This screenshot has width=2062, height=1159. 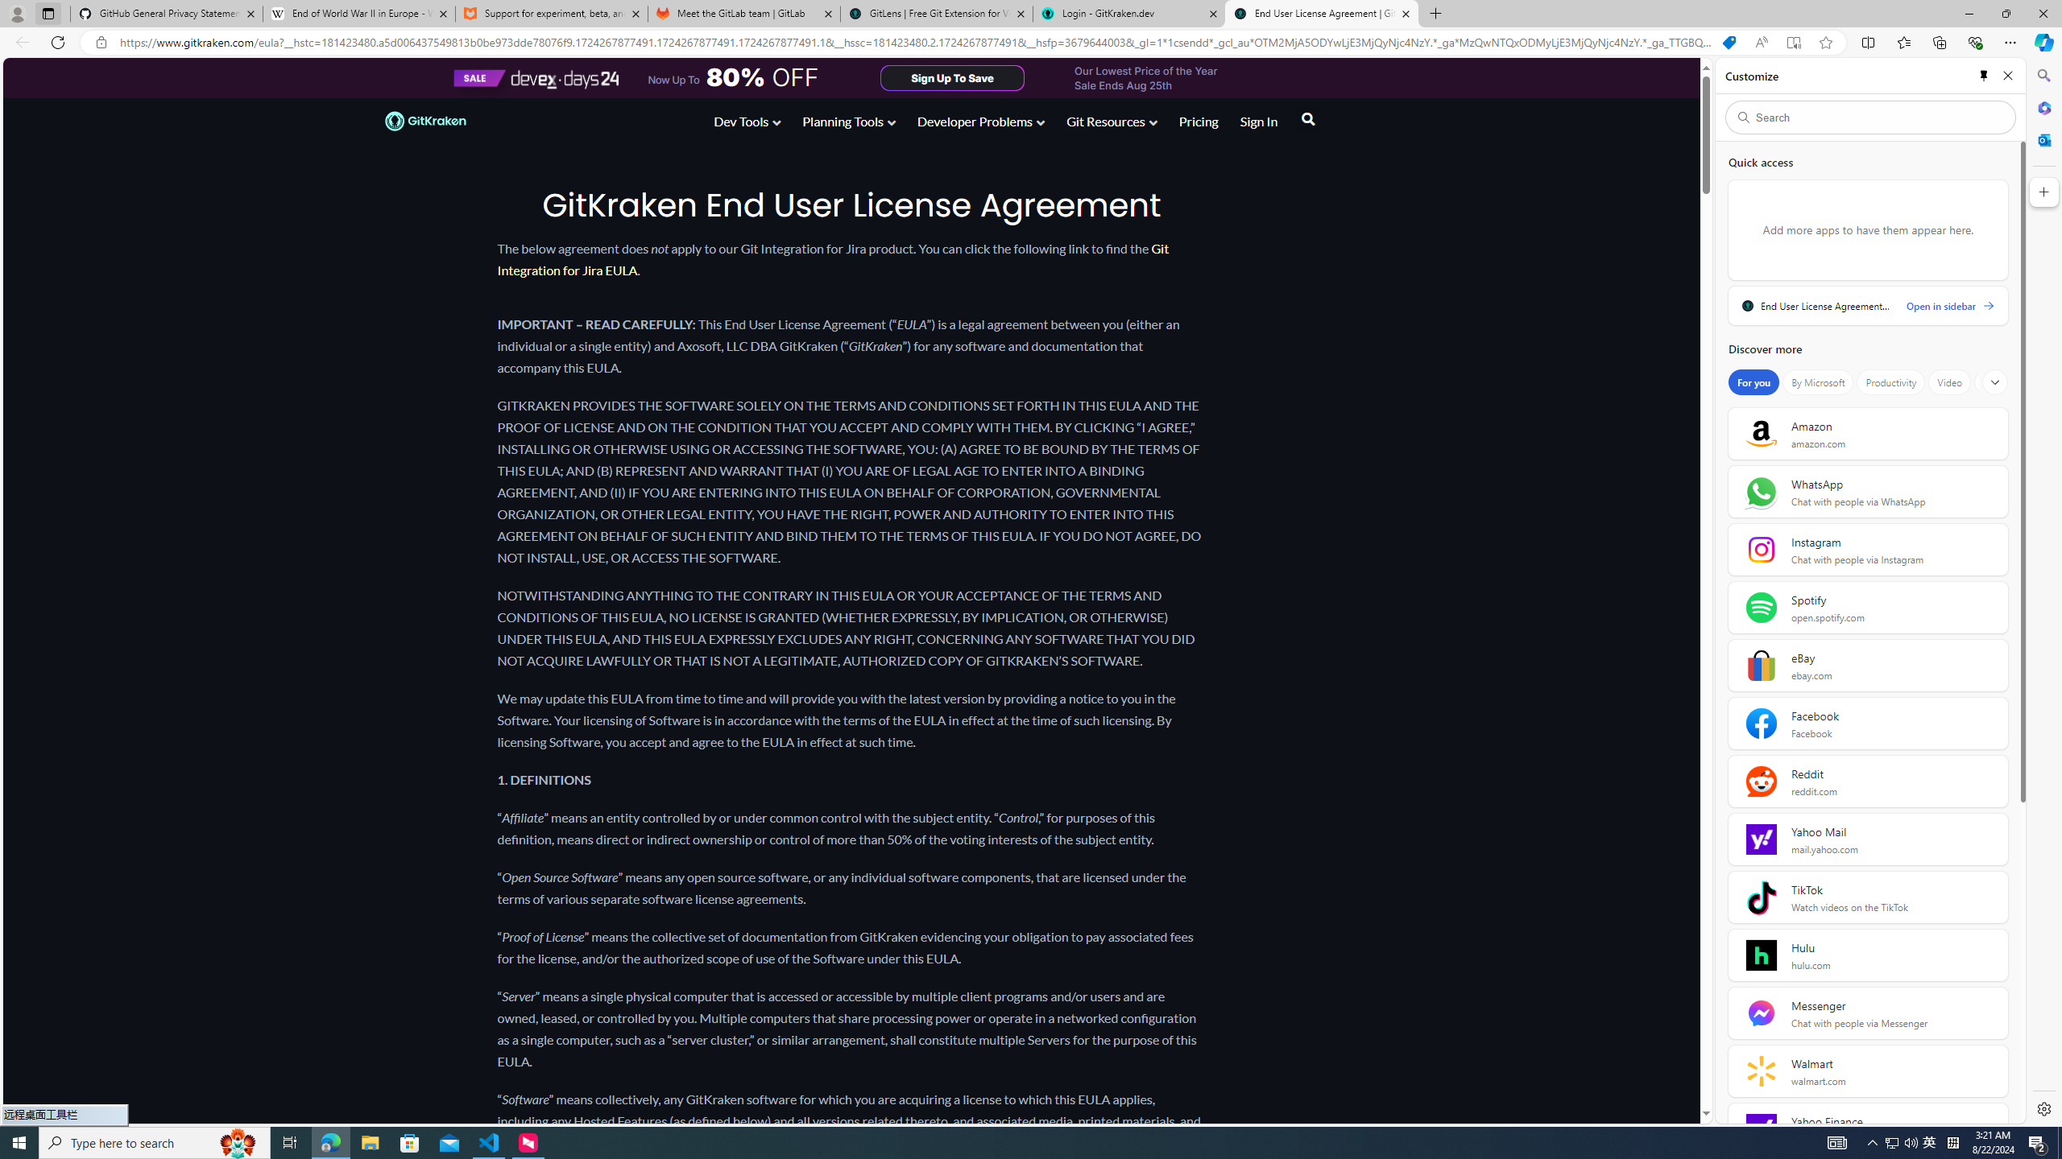 What do you see at coordinates (1753, 382) in the screenshot?
I see `'For you'` at bounding box center [1753, 382].